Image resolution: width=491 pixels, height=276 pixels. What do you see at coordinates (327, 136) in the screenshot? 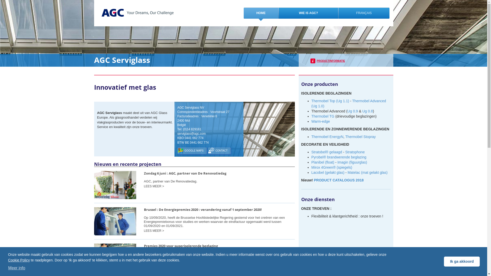
I see `'Thermobel EnergyN'` at bounding box center [327, 136].